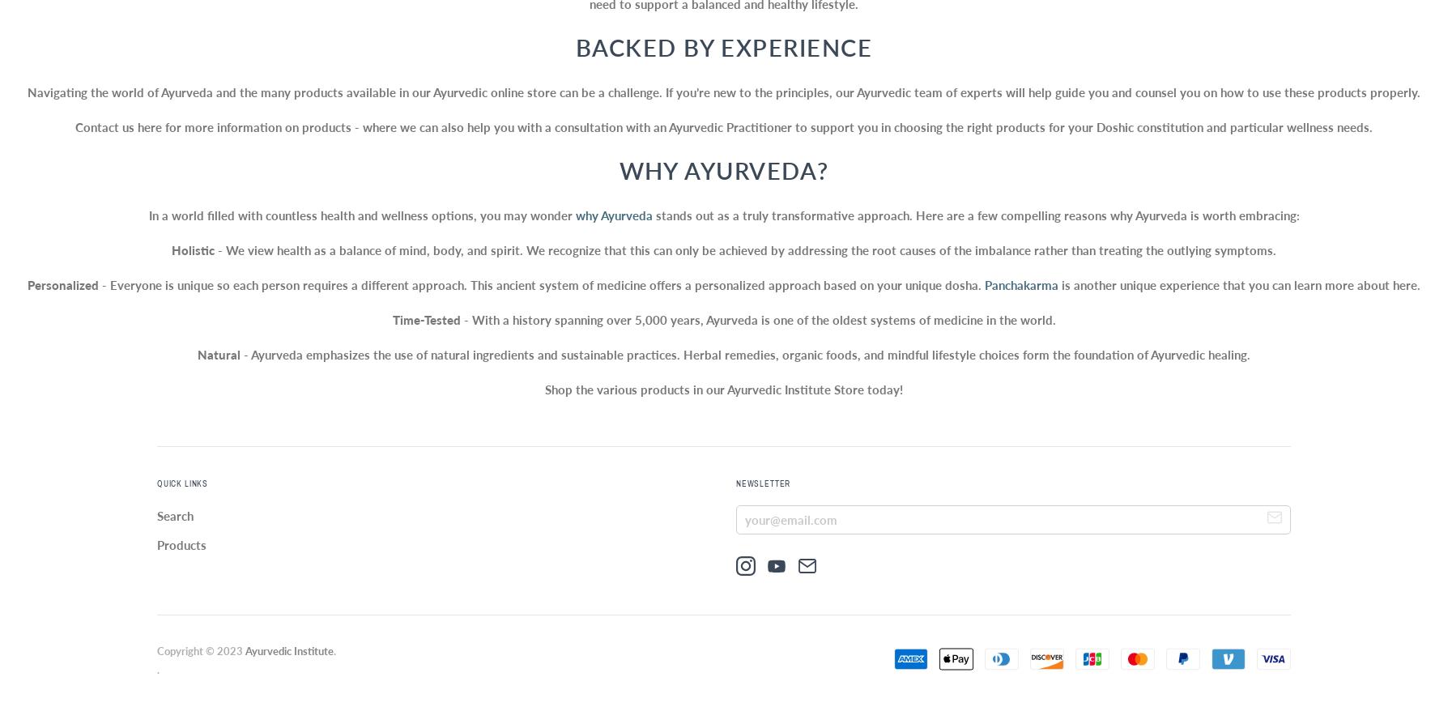  I want to click on '- Everyone is unique so each person requires a different approach. This ancient system of medicine offers a personalized approach based on your unique dosha.', so click(542, 284).